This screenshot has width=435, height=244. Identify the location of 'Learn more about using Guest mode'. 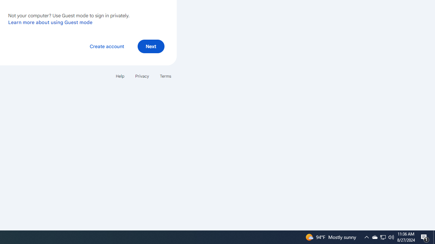
(50, 22).